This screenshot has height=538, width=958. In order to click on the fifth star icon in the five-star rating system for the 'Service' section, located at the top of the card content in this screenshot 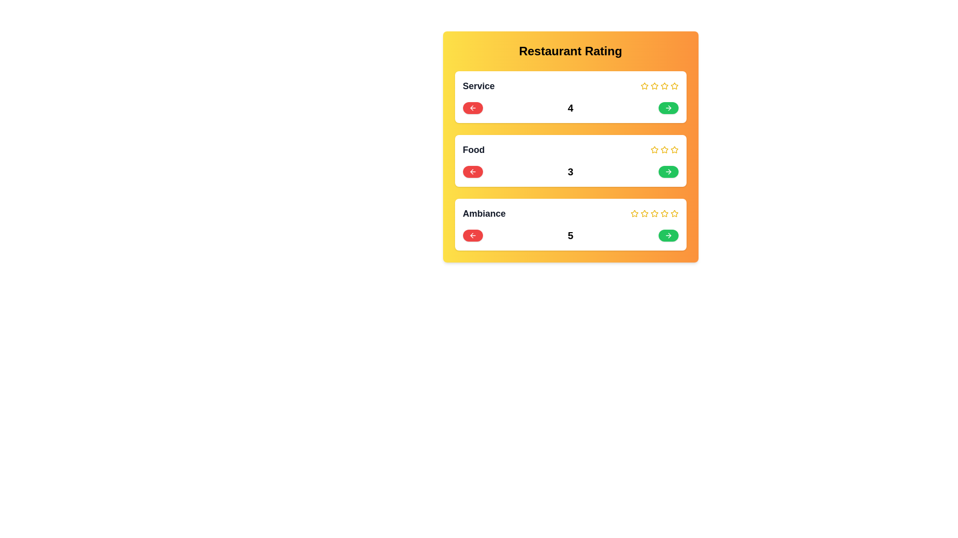, I will do `click(674, 86)`.